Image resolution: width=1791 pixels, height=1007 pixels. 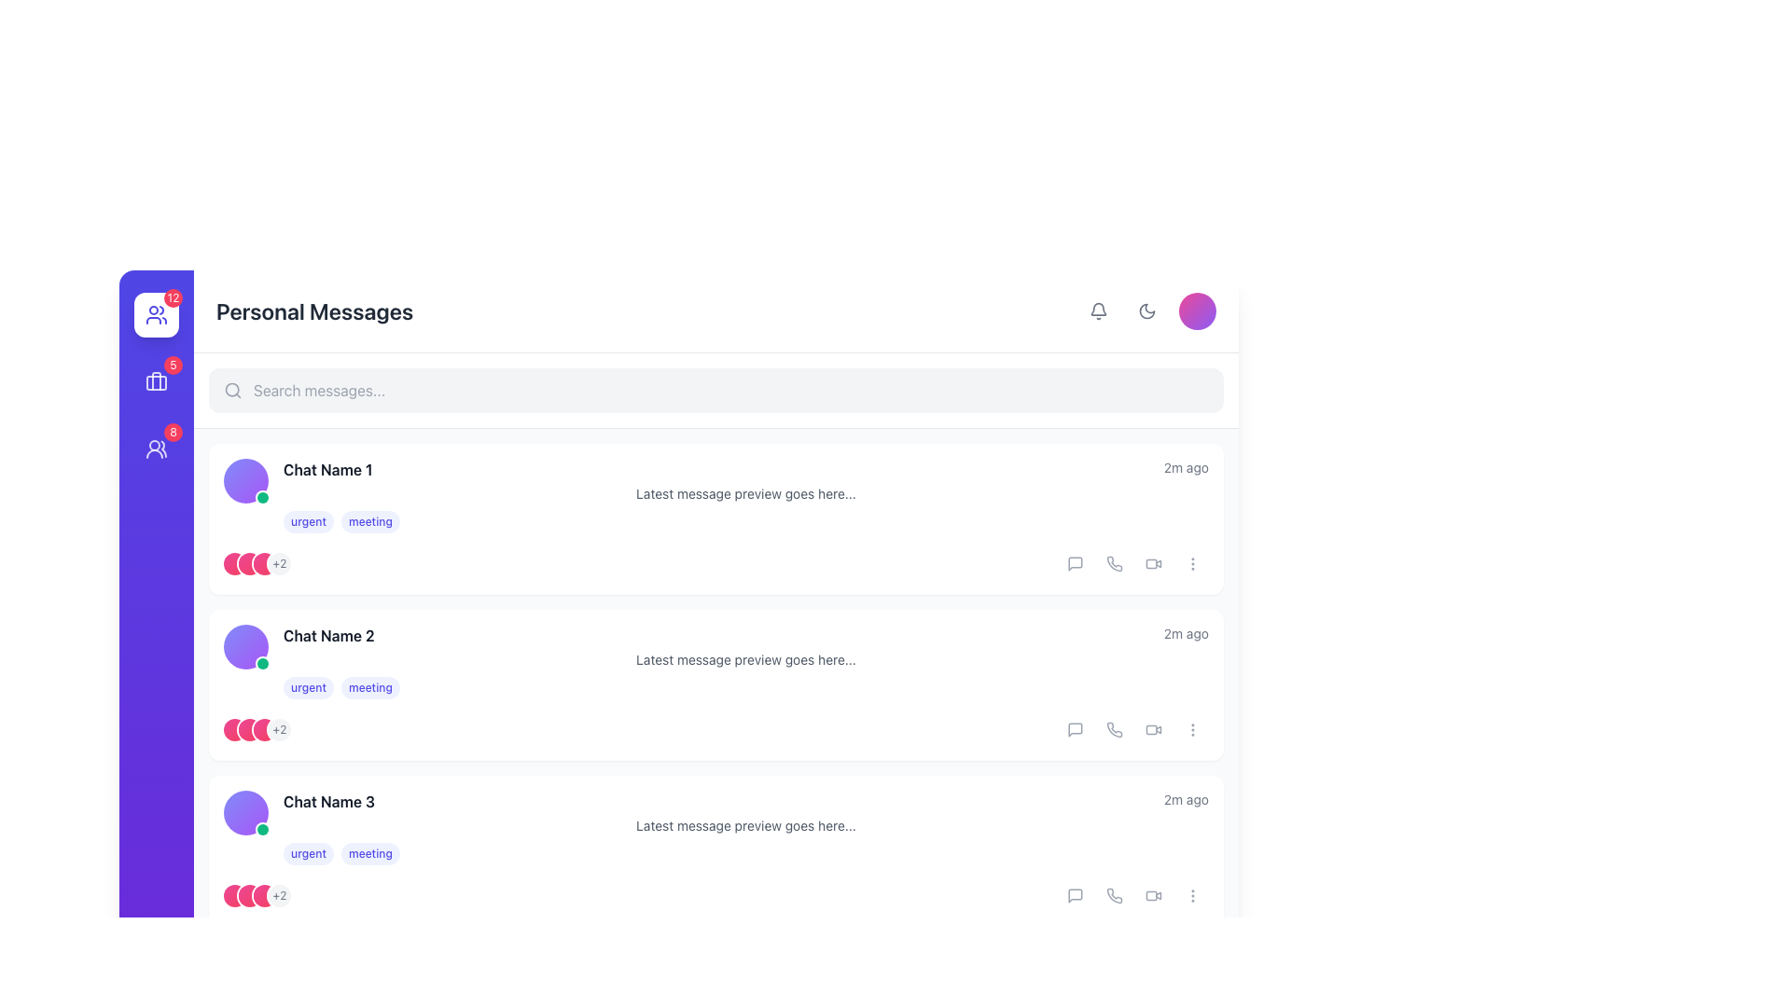 What do you see at coordinates (245, 977) in the screenshot?
I see `the Avatar with Status Indicator located` at bounding box center [245, 977].